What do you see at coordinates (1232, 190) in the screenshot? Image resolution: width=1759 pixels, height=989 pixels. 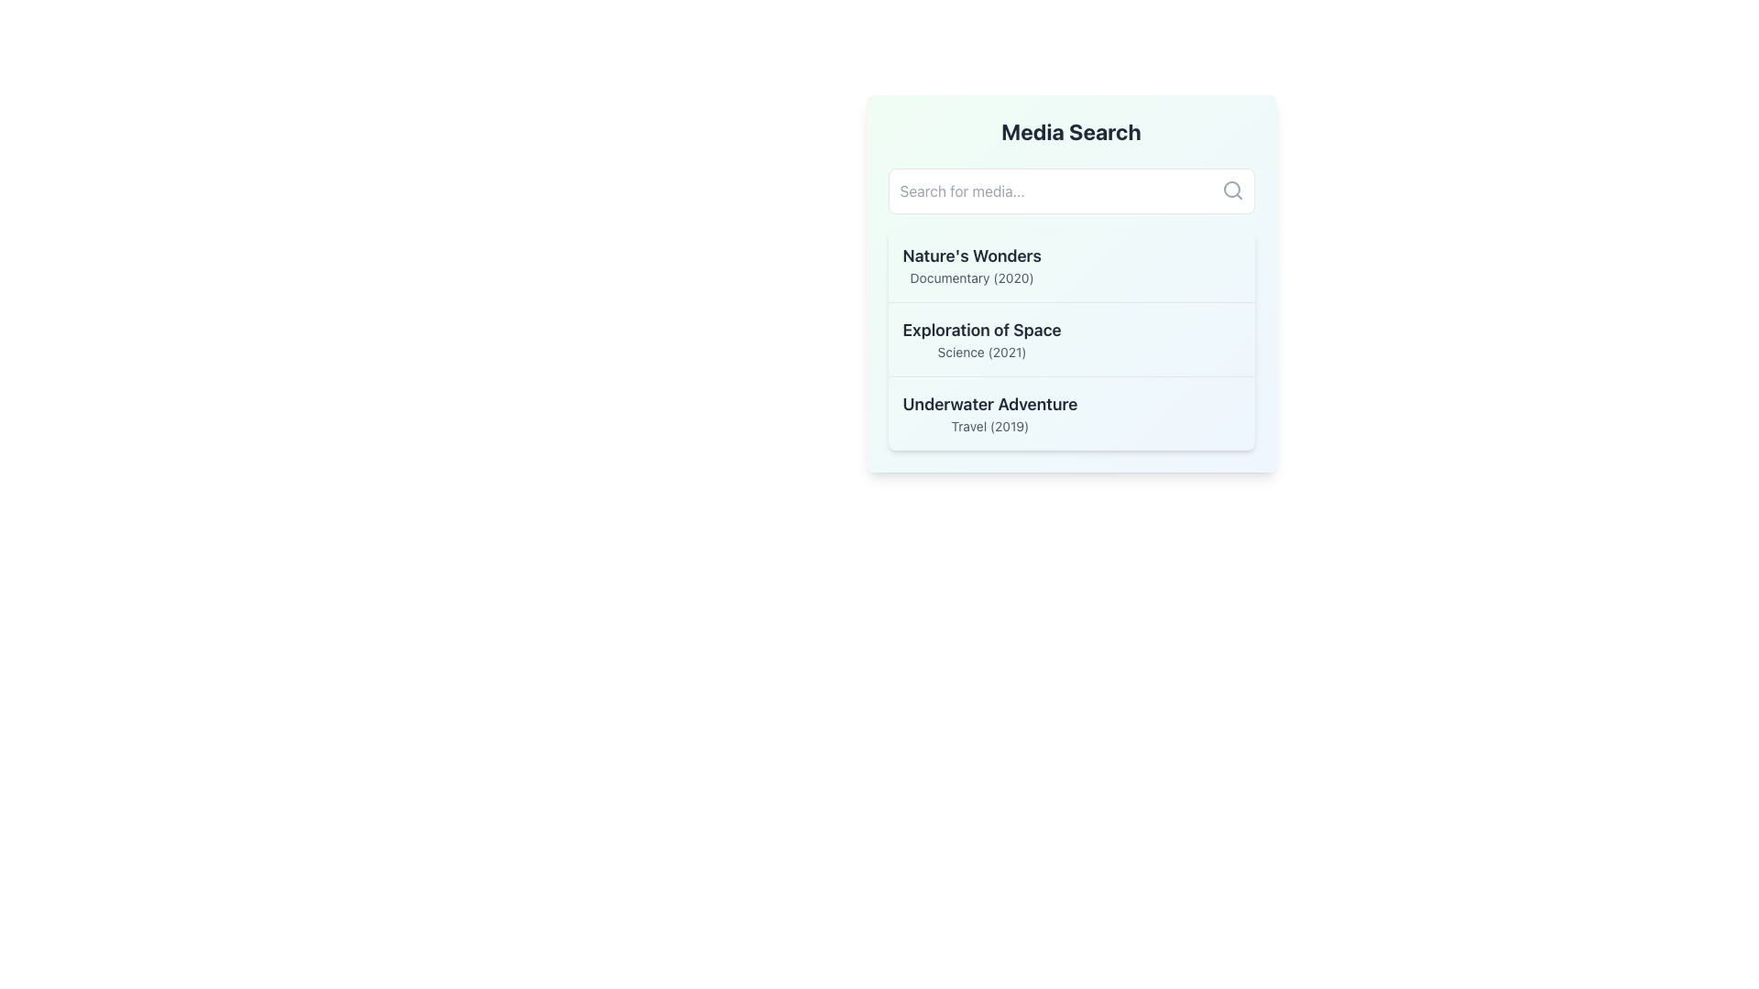 I see `the decorative magnifying glass icon located at the top-right corner of the search bar interface` at bounding box center [1232, 190].